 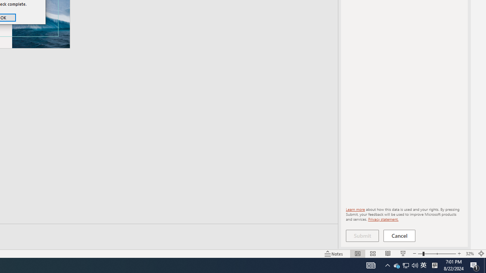 What do you see at coordinates (434, 265) in the screenshot?
I see `'Tray Input Indicator - Chinese (Simplified, China)'` at bounding box center [434, 265].